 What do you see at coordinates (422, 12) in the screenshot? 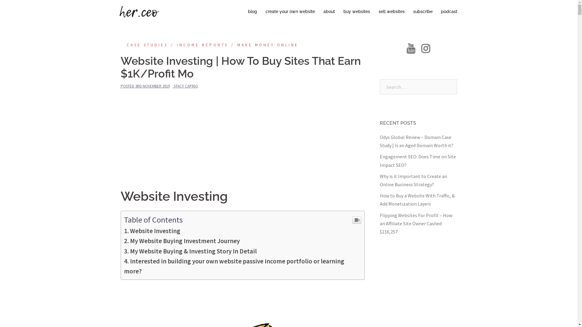
I see `'subscribe'` at bounding box center [422, 12].